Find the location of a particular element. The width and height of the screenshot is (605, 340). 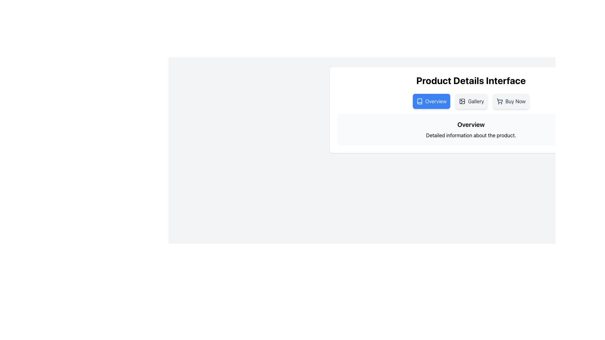

the minimalistic image icon located centrally within the 'Gallery' button, which features a rectangle with rounded corners, a circle in the top-left corner, and an irregular line resembling a mountain or zigzag pattern is located at coordinates (462, 101).